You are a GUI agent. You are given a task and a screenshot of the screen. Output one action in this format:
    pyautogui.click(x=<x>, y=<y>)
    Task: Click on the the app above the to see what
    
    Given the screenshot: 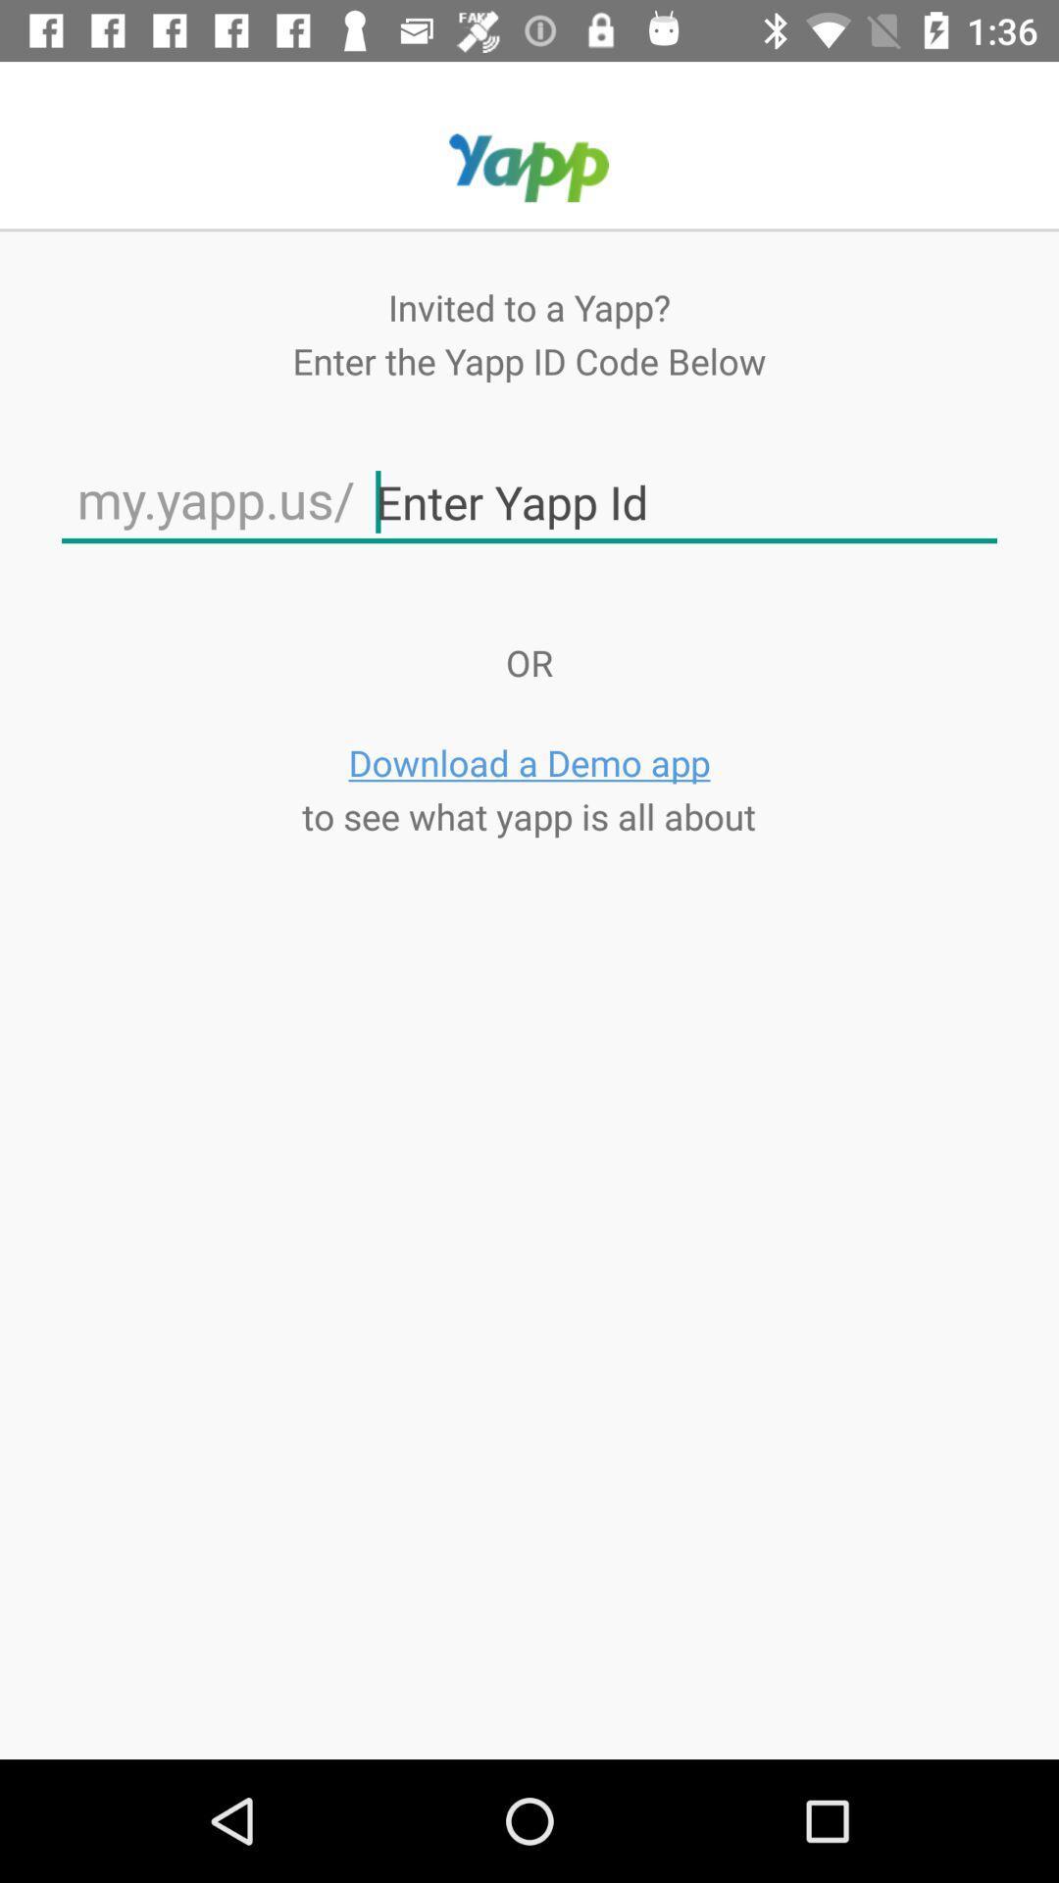 What is the action you would take?
    pyautogui.click(x=529, y=761)
    